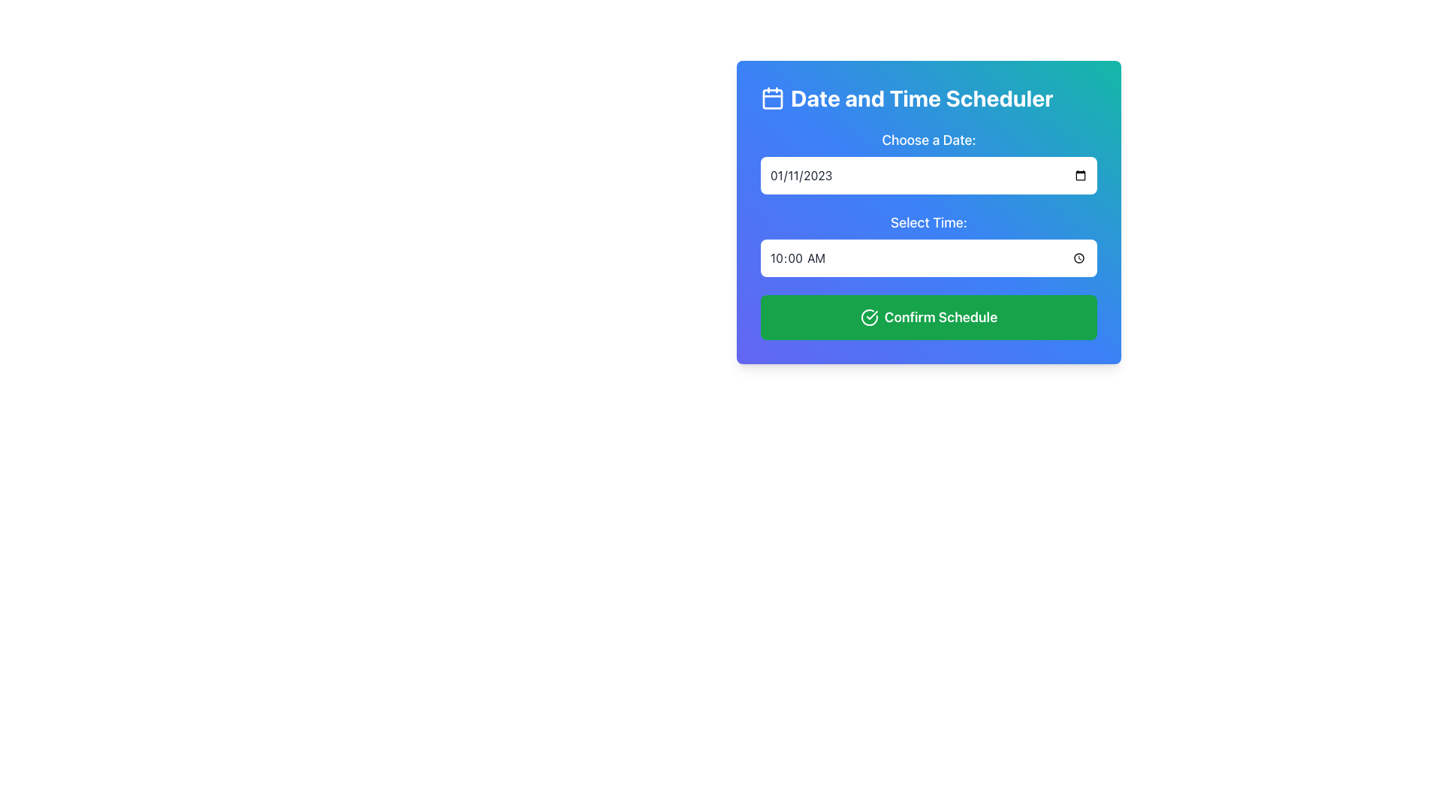 The height and width of the screenshot is (811, 1442). I want to click on the rectangular time input field displaying '10:00 AM', so click(928, 257).